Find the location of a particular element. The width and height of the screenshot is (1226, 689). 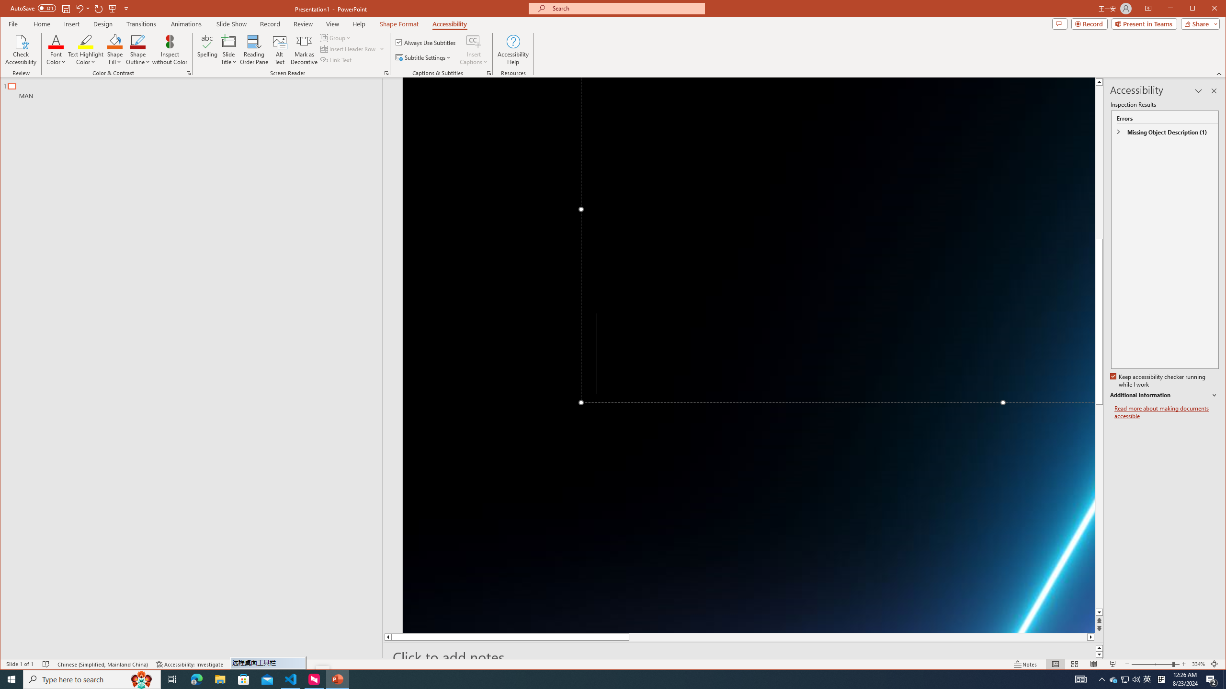

'Slide Title' is located at coordinates (228, 49).